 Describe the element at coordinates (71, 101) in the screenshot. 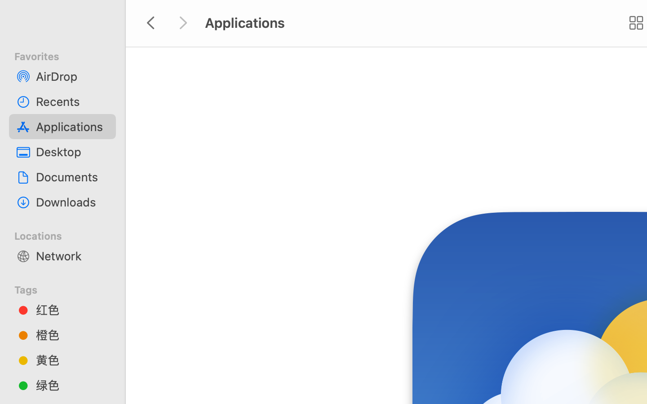

I see `'Recents'` at that location.